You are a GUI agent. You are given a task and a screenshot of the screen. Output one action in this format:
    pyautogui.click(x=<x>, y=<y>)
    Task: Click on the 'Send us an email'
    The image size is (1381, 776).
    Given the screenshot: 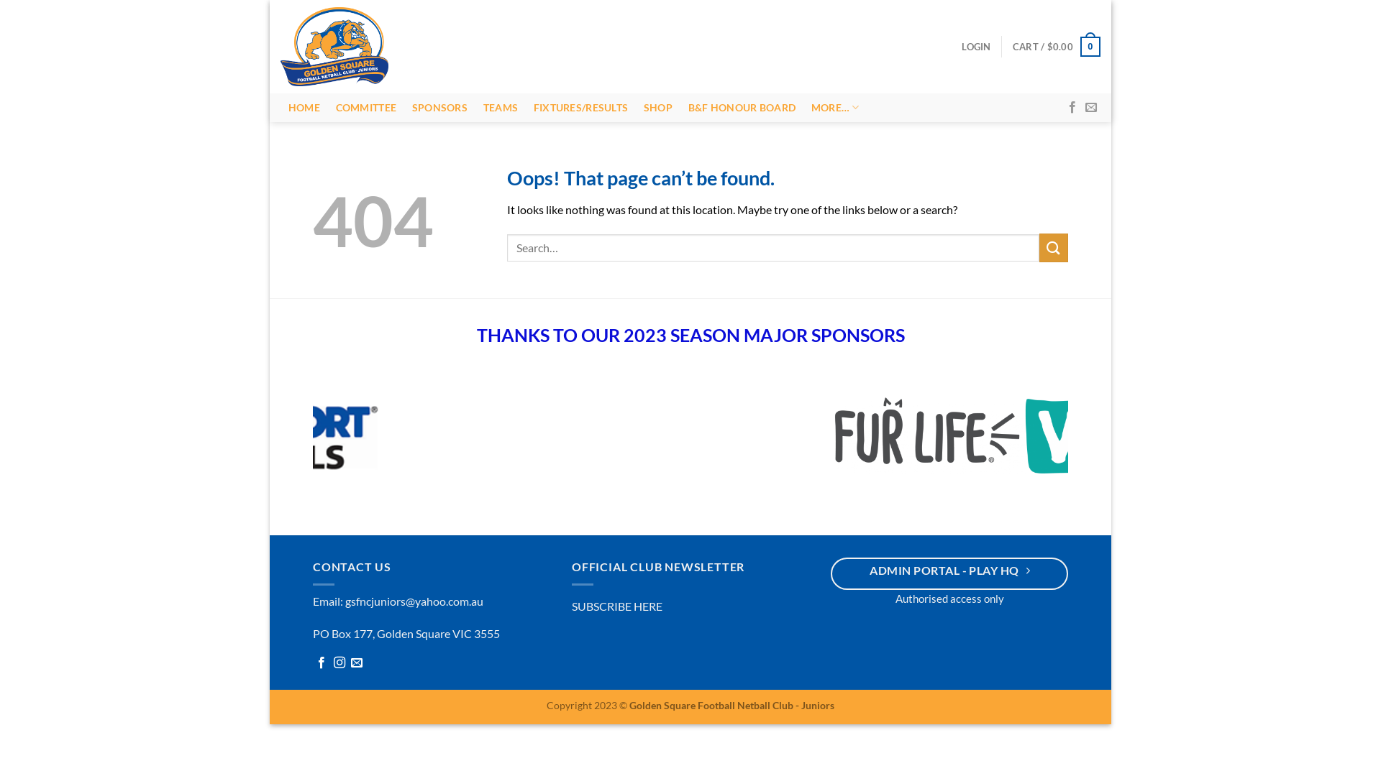 What is the action you would take?
    pyautogui.click(x=356, y=667)
    